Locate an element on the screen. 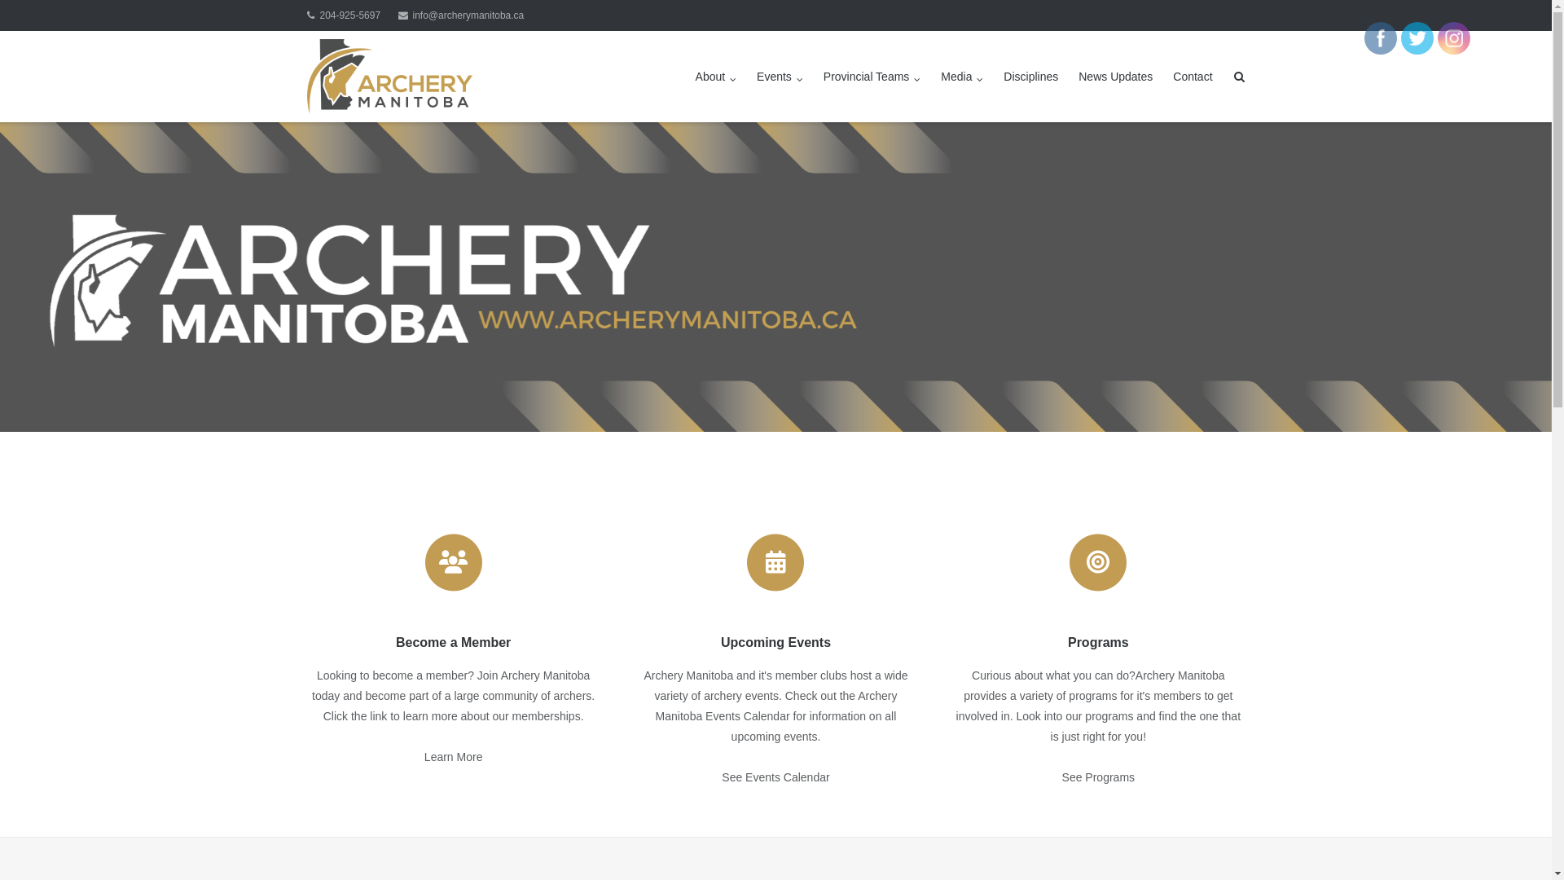 Image resolution: width=1564 pixels, height=880 pixels. 'Learn More' is located at coordinates (424, 757).